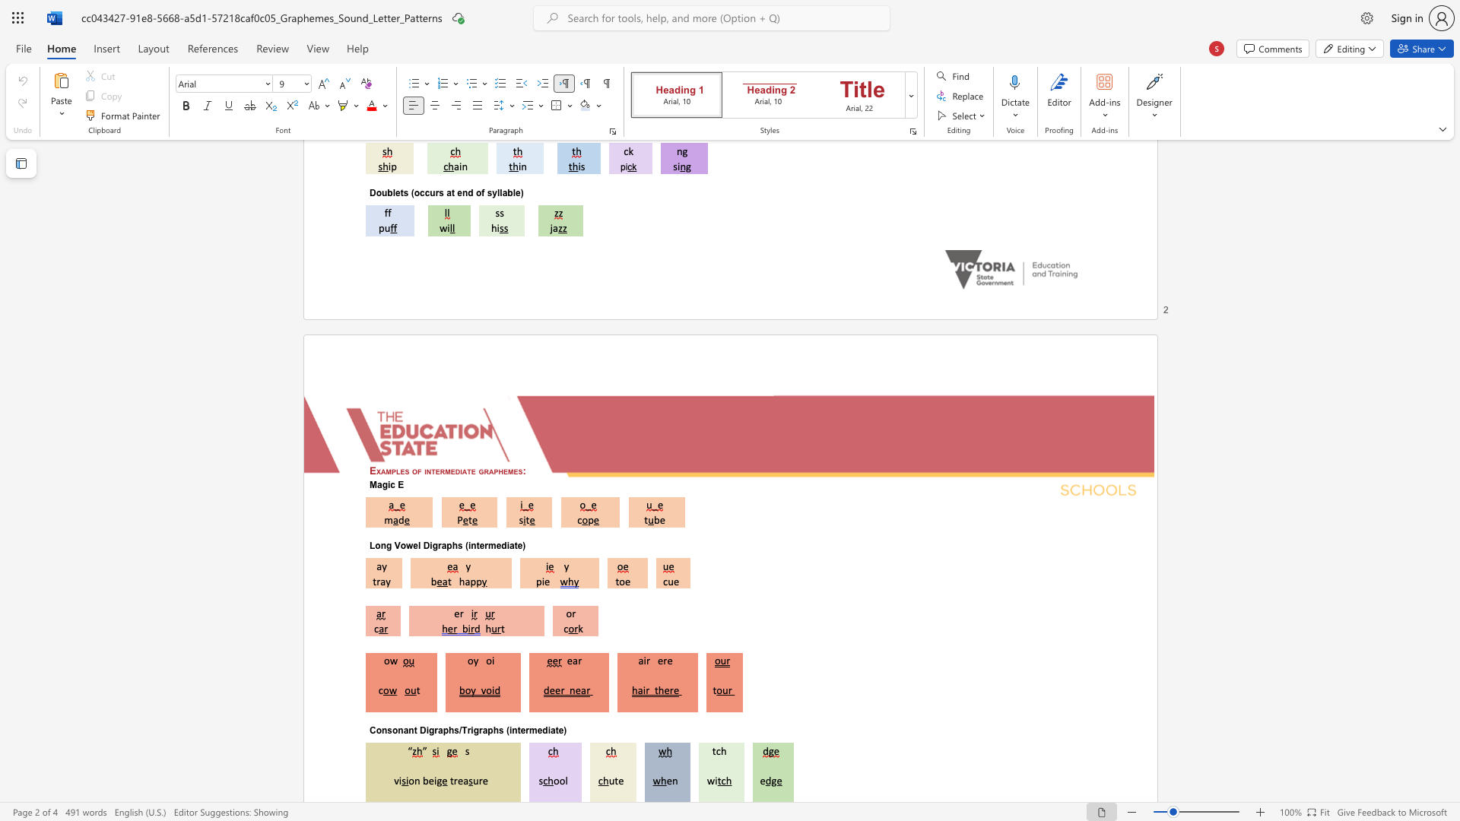  Describe the element at coordinates (456, 545) in the screenshot. I see `the subset text "s (intermediate)" within the text "Long Vowel Digraphs (intermediate)"` at that location.